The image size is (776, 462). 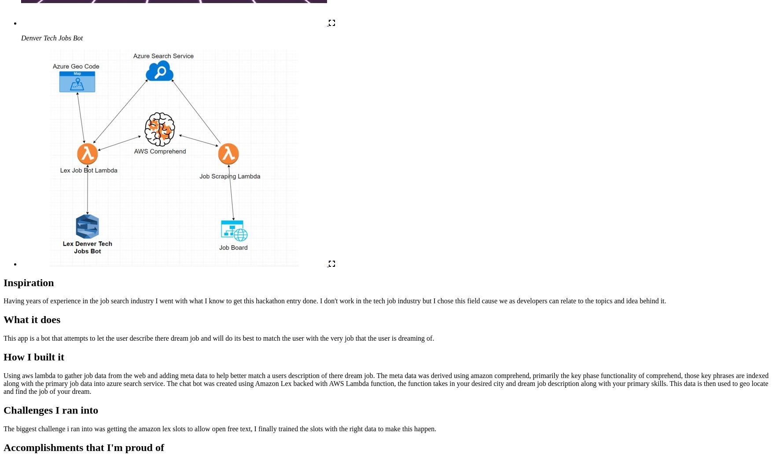 What do you see at coordinates (84, 446) in the screenshot?
I see `'Accomplishments that I'm proud of'` at bounding box center [84, 446].